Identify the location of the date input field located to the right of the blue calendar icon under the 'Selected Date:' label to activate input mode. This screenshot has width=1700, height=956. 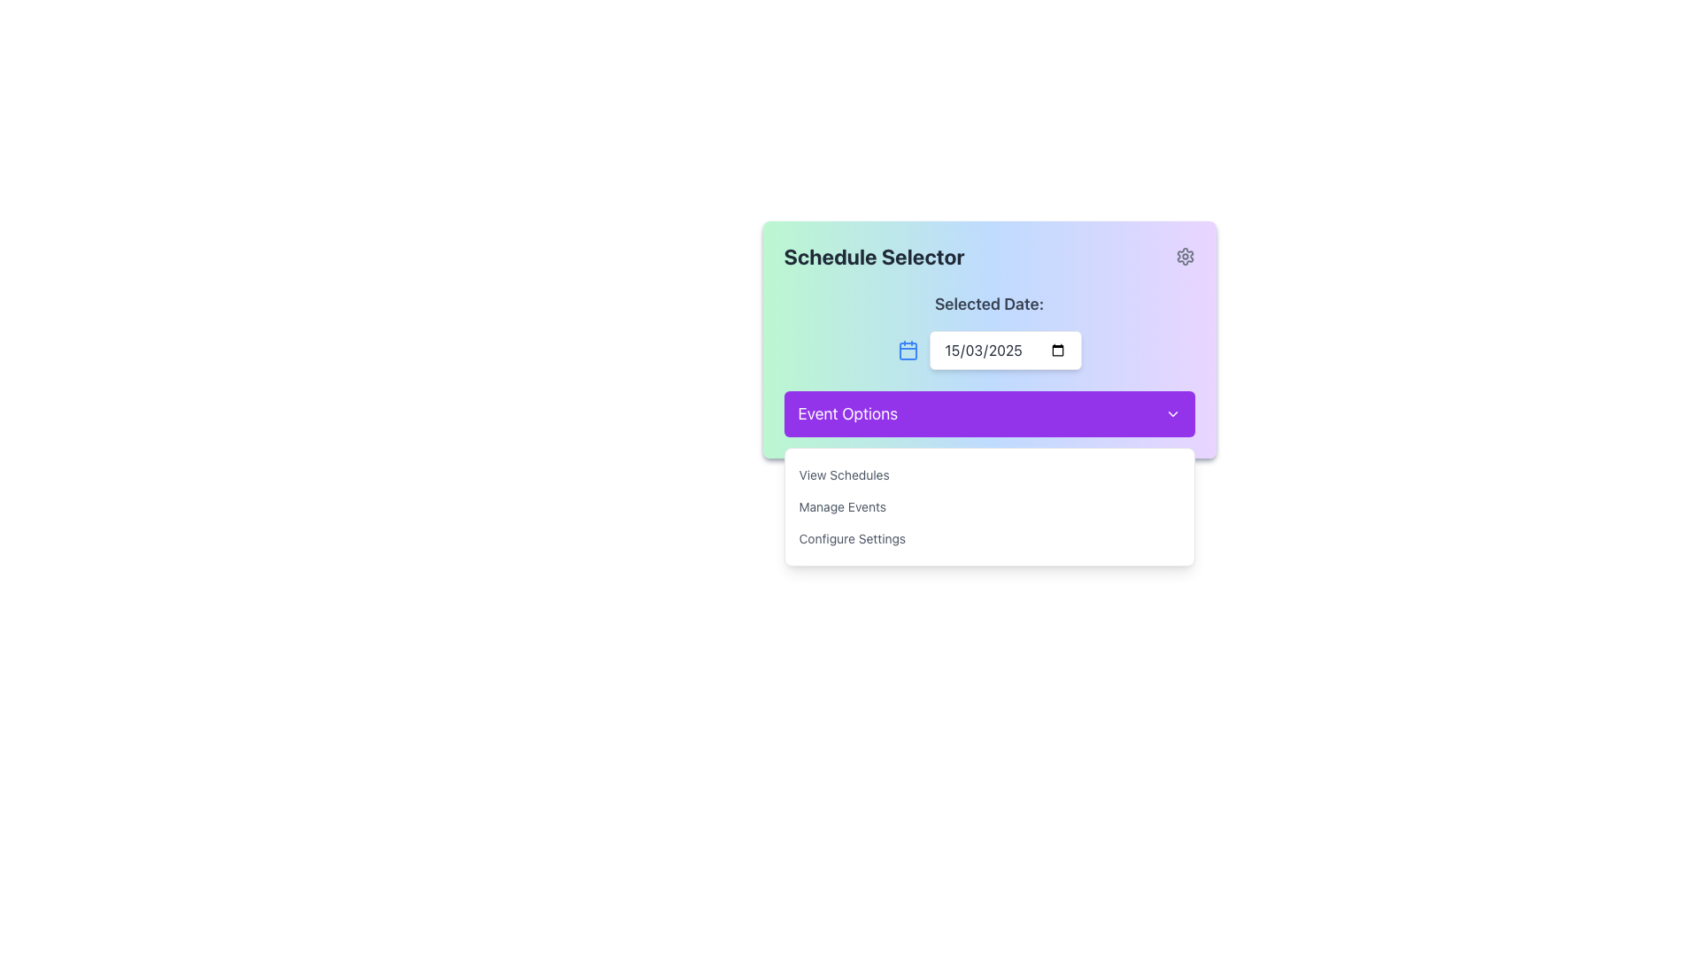
(1005, 351).